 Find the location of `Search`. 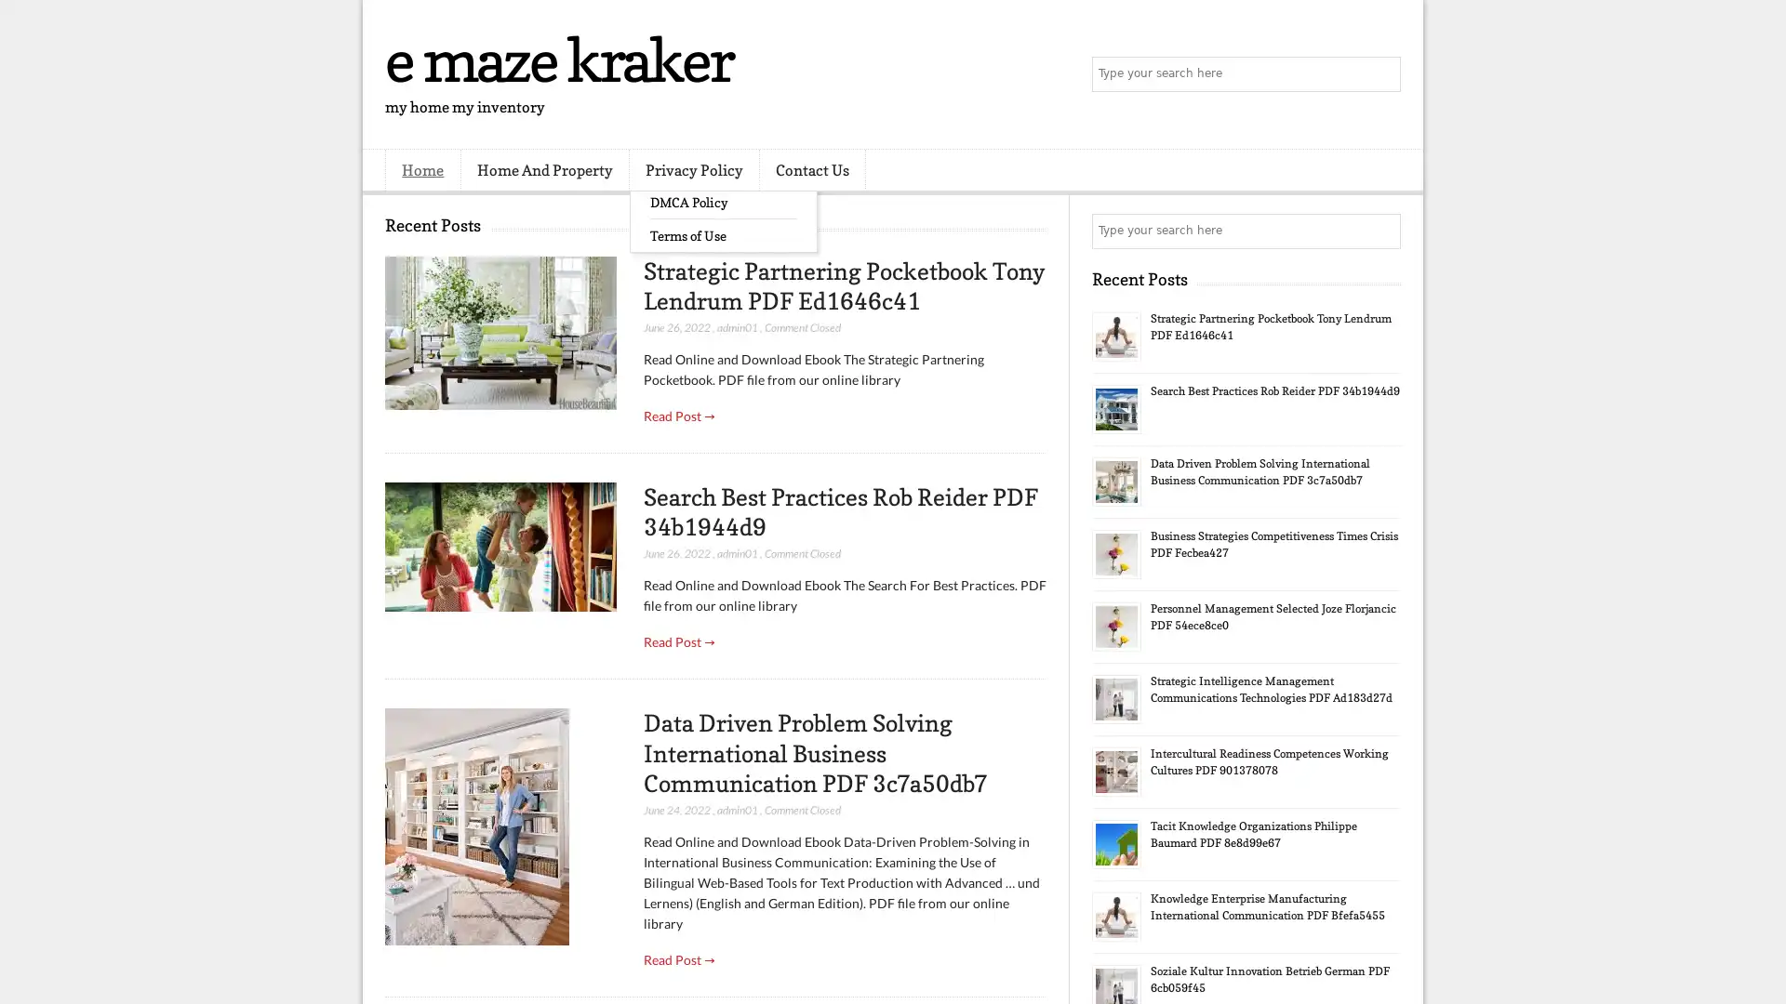

Search is located at coordinates (1381, 231).